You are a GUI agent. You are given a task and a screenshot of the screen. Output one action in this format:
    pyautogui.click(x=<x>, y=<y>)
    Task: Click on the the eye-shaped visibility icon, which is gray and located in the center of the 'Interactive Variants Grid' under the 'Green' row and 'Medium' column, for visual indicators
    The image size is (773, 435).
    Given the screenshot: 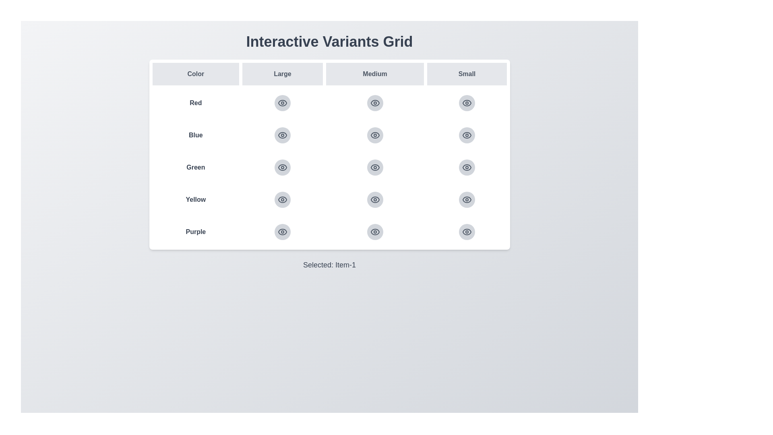 What is the action you would take?
    pyautogui.click(x=374, y=167)
    